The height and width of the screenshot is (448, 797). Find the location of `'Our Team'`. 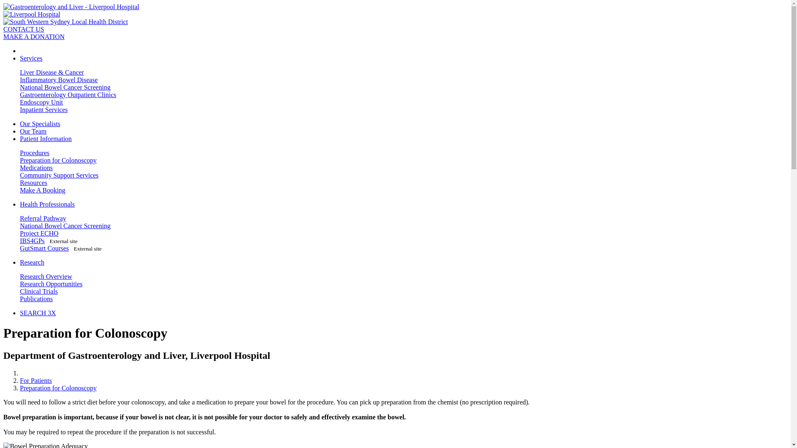

'Our Team' is located at coordinates (33, 131).